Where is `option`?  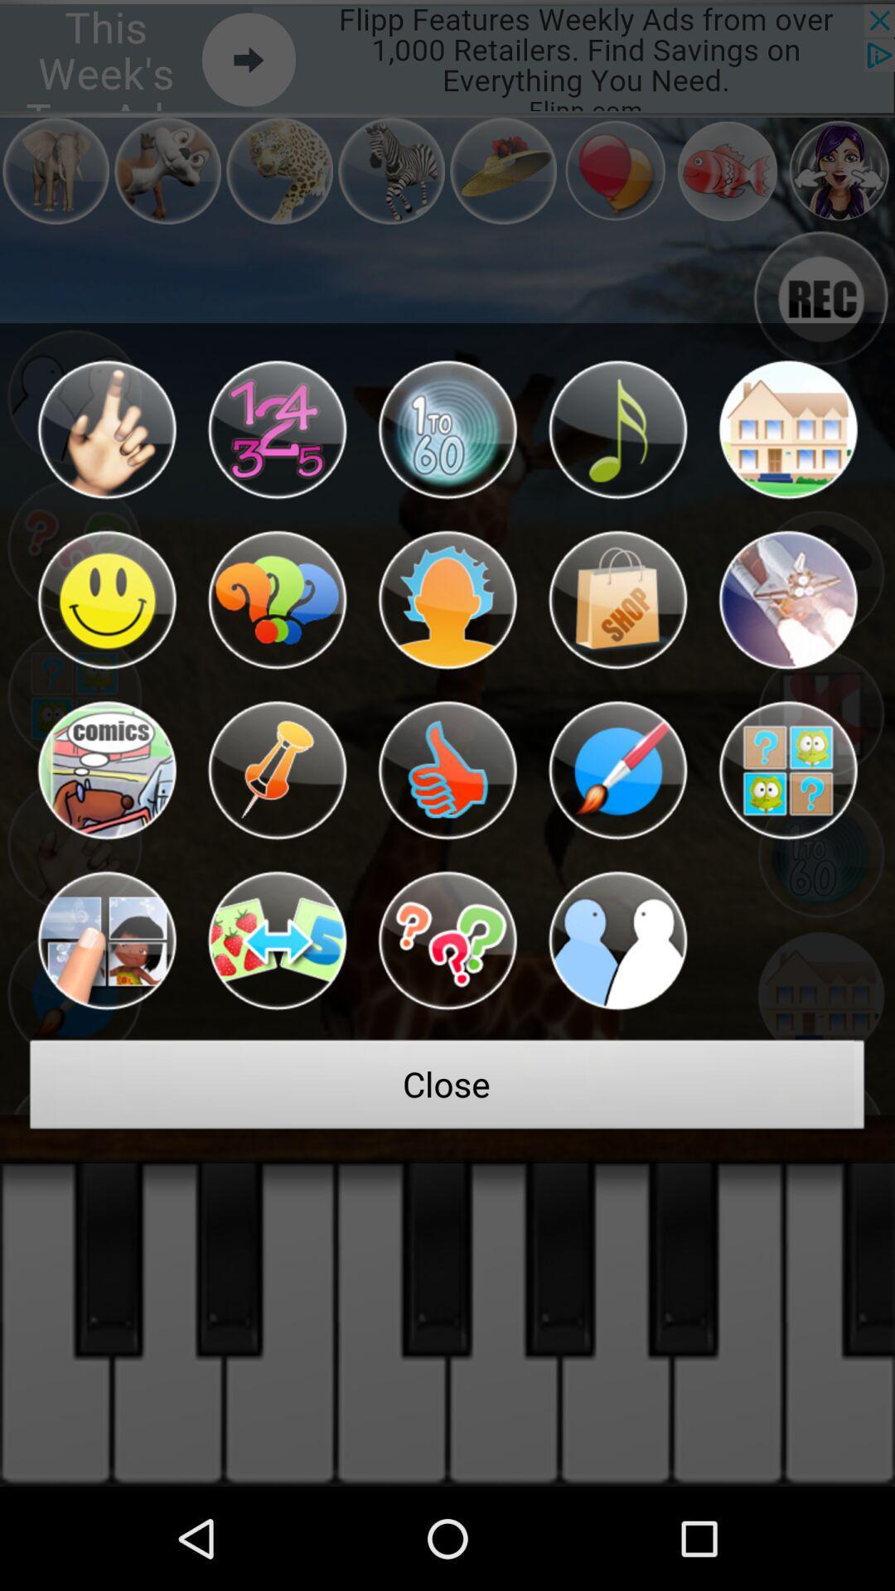
option is located at coordinates (787, 599).